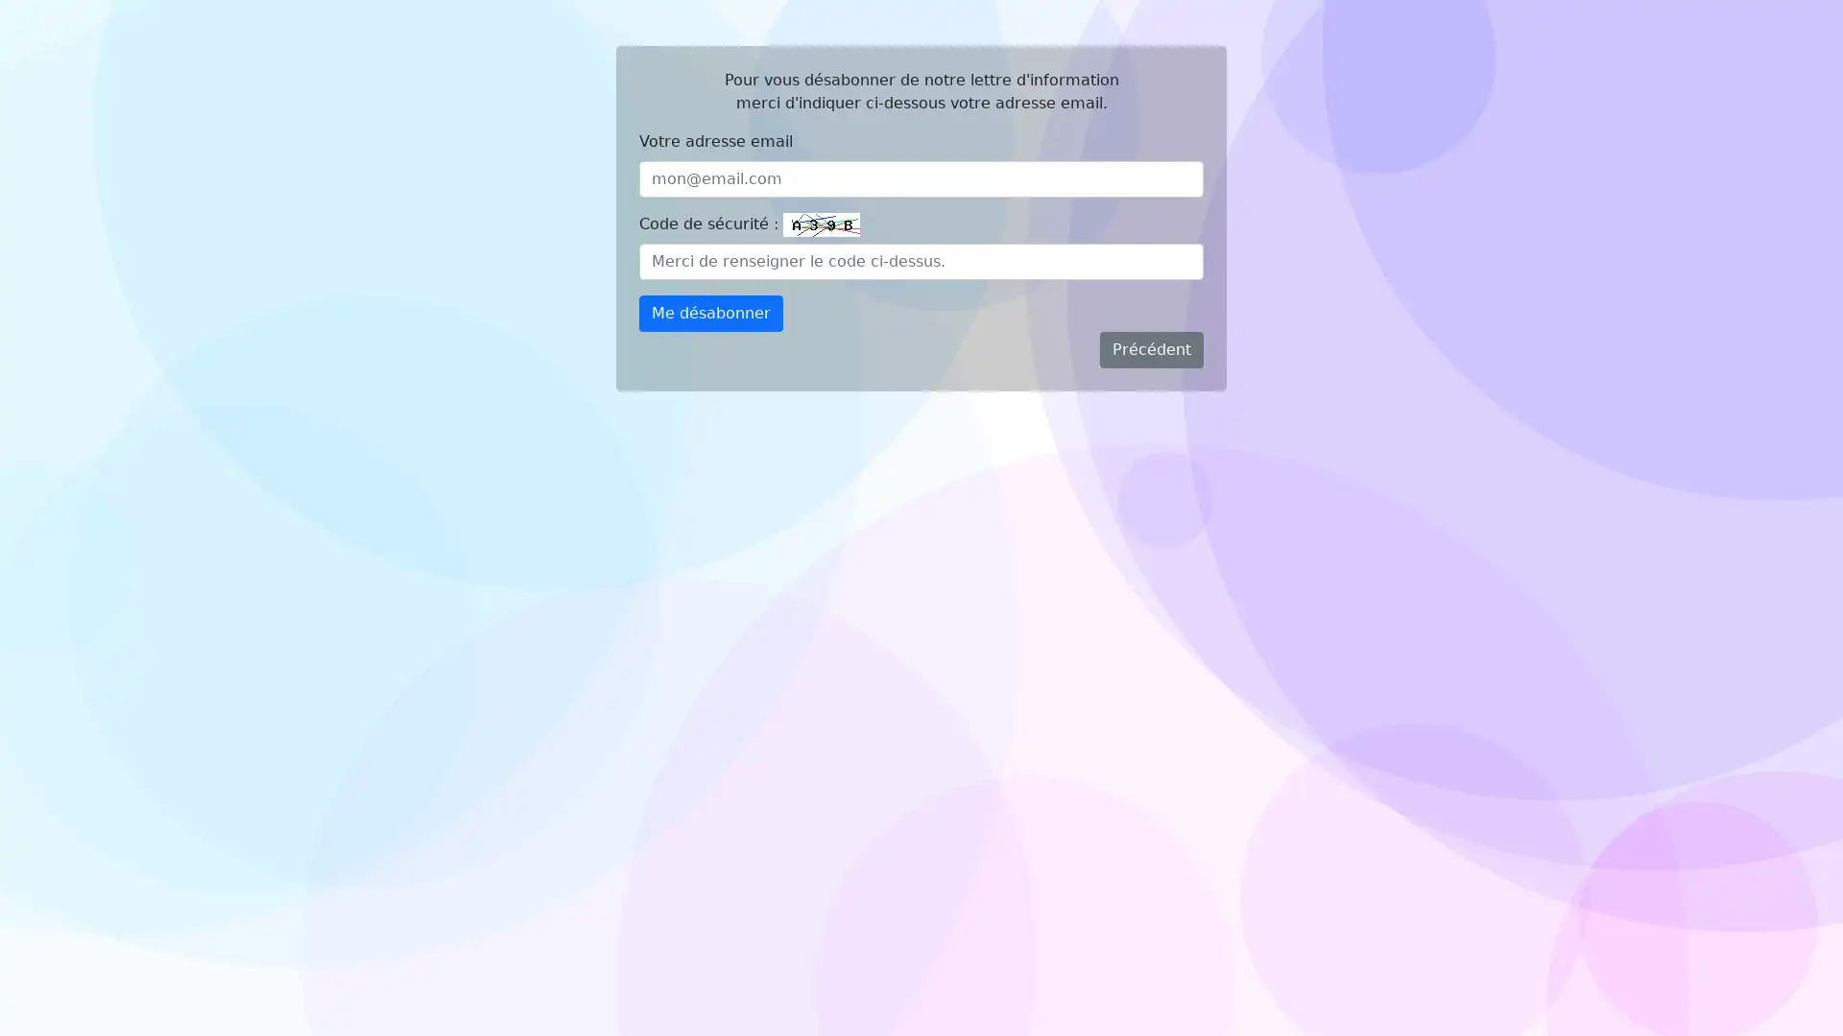  What do you see at coordinates (709, 313) in the screenshot?
I see `Me desabonner` at bounding box center [709, 313].